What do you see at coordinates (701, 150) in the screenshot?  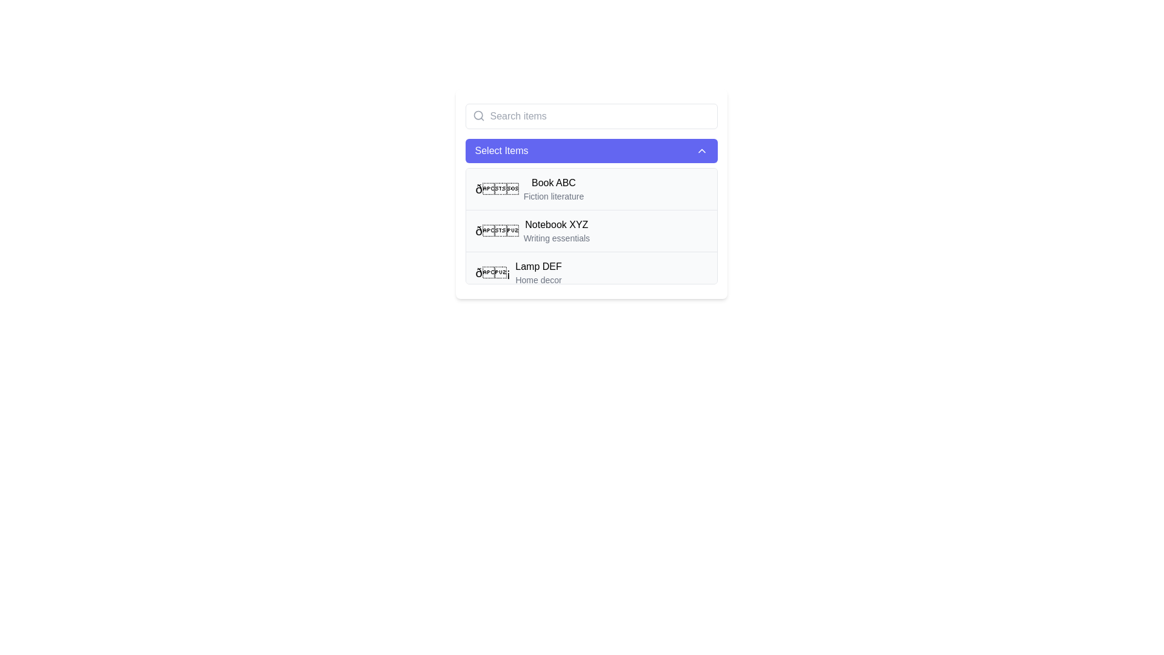 I see `the Chevron Up icon located on the right-hand side of the 'Select Items' button` at bounding box center [701, 150].